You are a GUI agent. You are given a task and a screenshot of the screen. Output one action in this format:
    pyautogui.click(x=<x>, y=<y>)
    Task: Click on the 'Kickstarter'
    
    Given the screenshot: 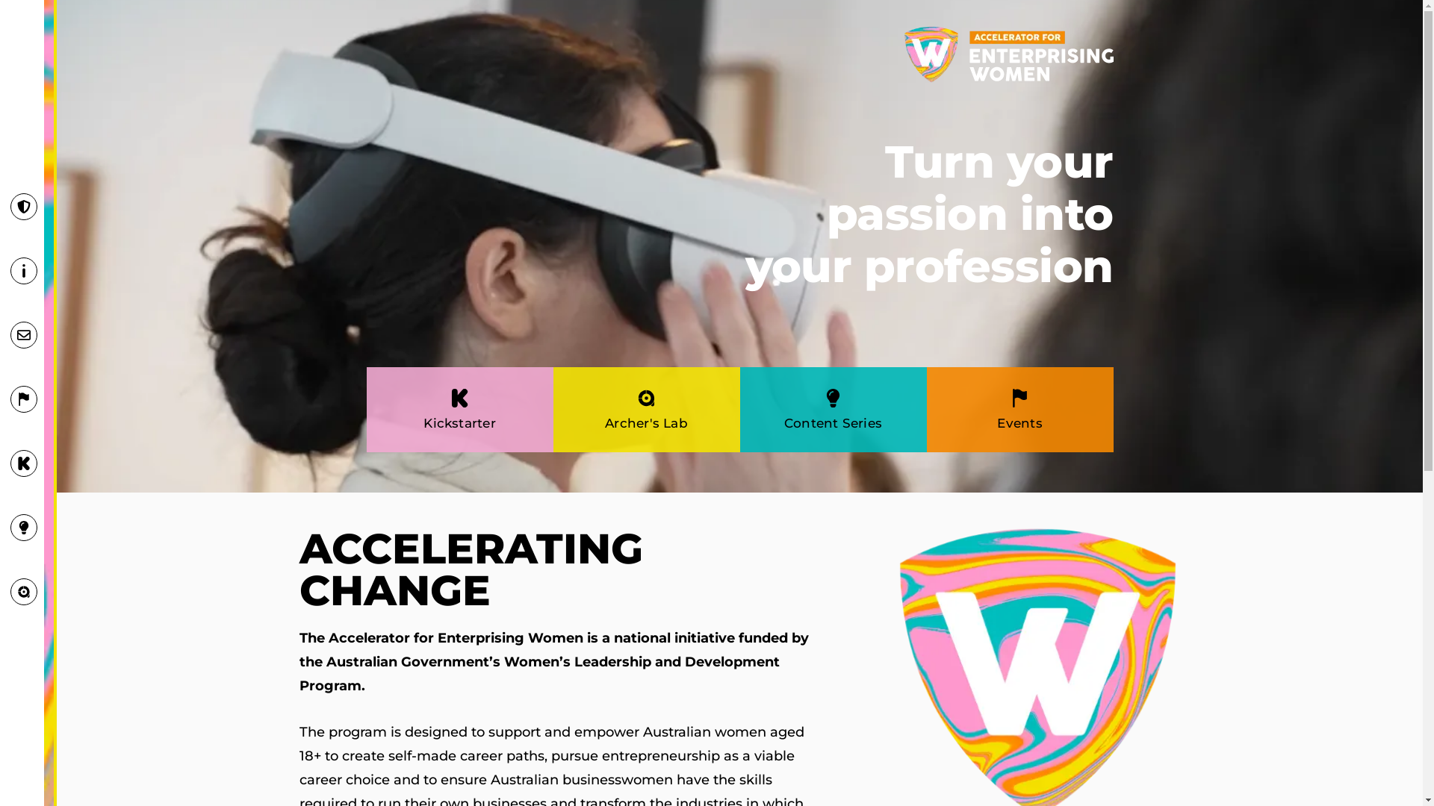 What is the action you would take?
    pyautogui.click(x=458, y=423)
    